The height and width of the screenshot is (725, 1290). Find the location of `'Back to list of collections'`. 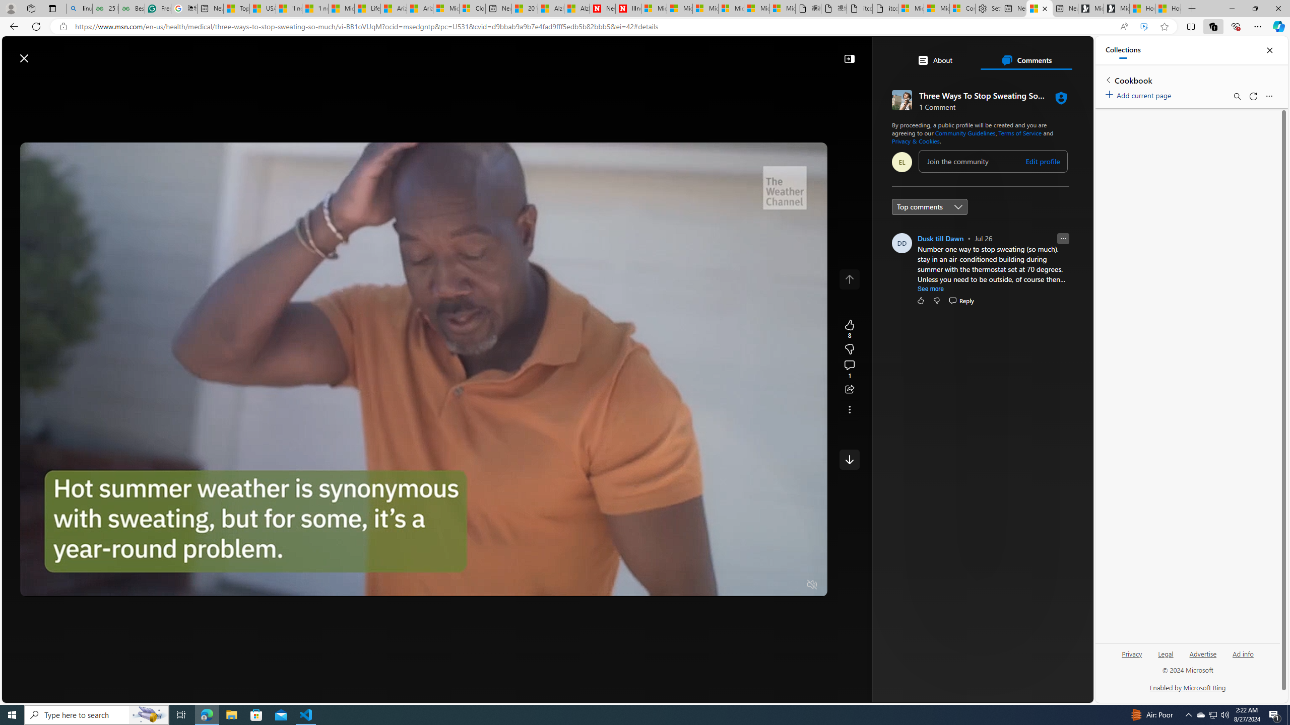

'Back to list of collections' is located at coordinates (1108, 80).